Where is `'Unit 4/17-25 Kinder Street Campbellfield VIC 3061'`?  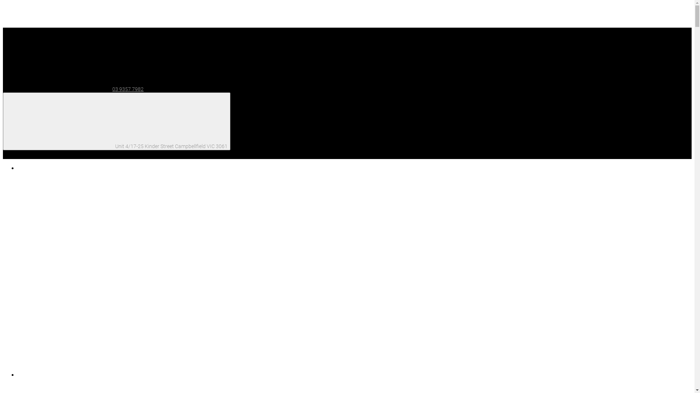 'Unit 4/17-25 Kinder Street Campbellfield VIC 3061' is located at coordinates (117, 121).